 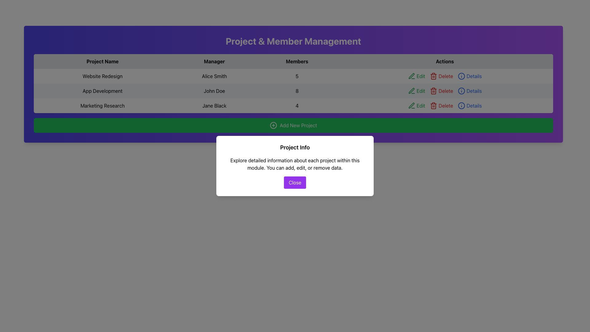 I want to click on the Circular Icon, which is an information symbol outlined with a thick stroke in blue color, located in the 'Actions' column of the table to possibly see a tooltip, so click(x=462, y=76).